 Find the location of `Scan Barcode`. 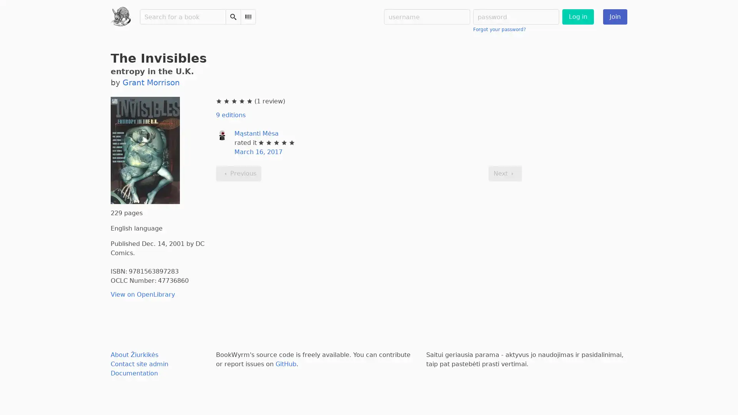

Scan Barcode is located at coordinates (248, 17).